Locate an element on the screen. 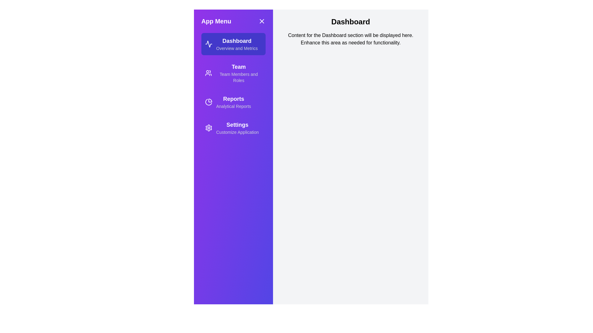 This screenshot has height=333, width=593. the menu item Team to observe its visual effect is located at coordinates (233, 72).